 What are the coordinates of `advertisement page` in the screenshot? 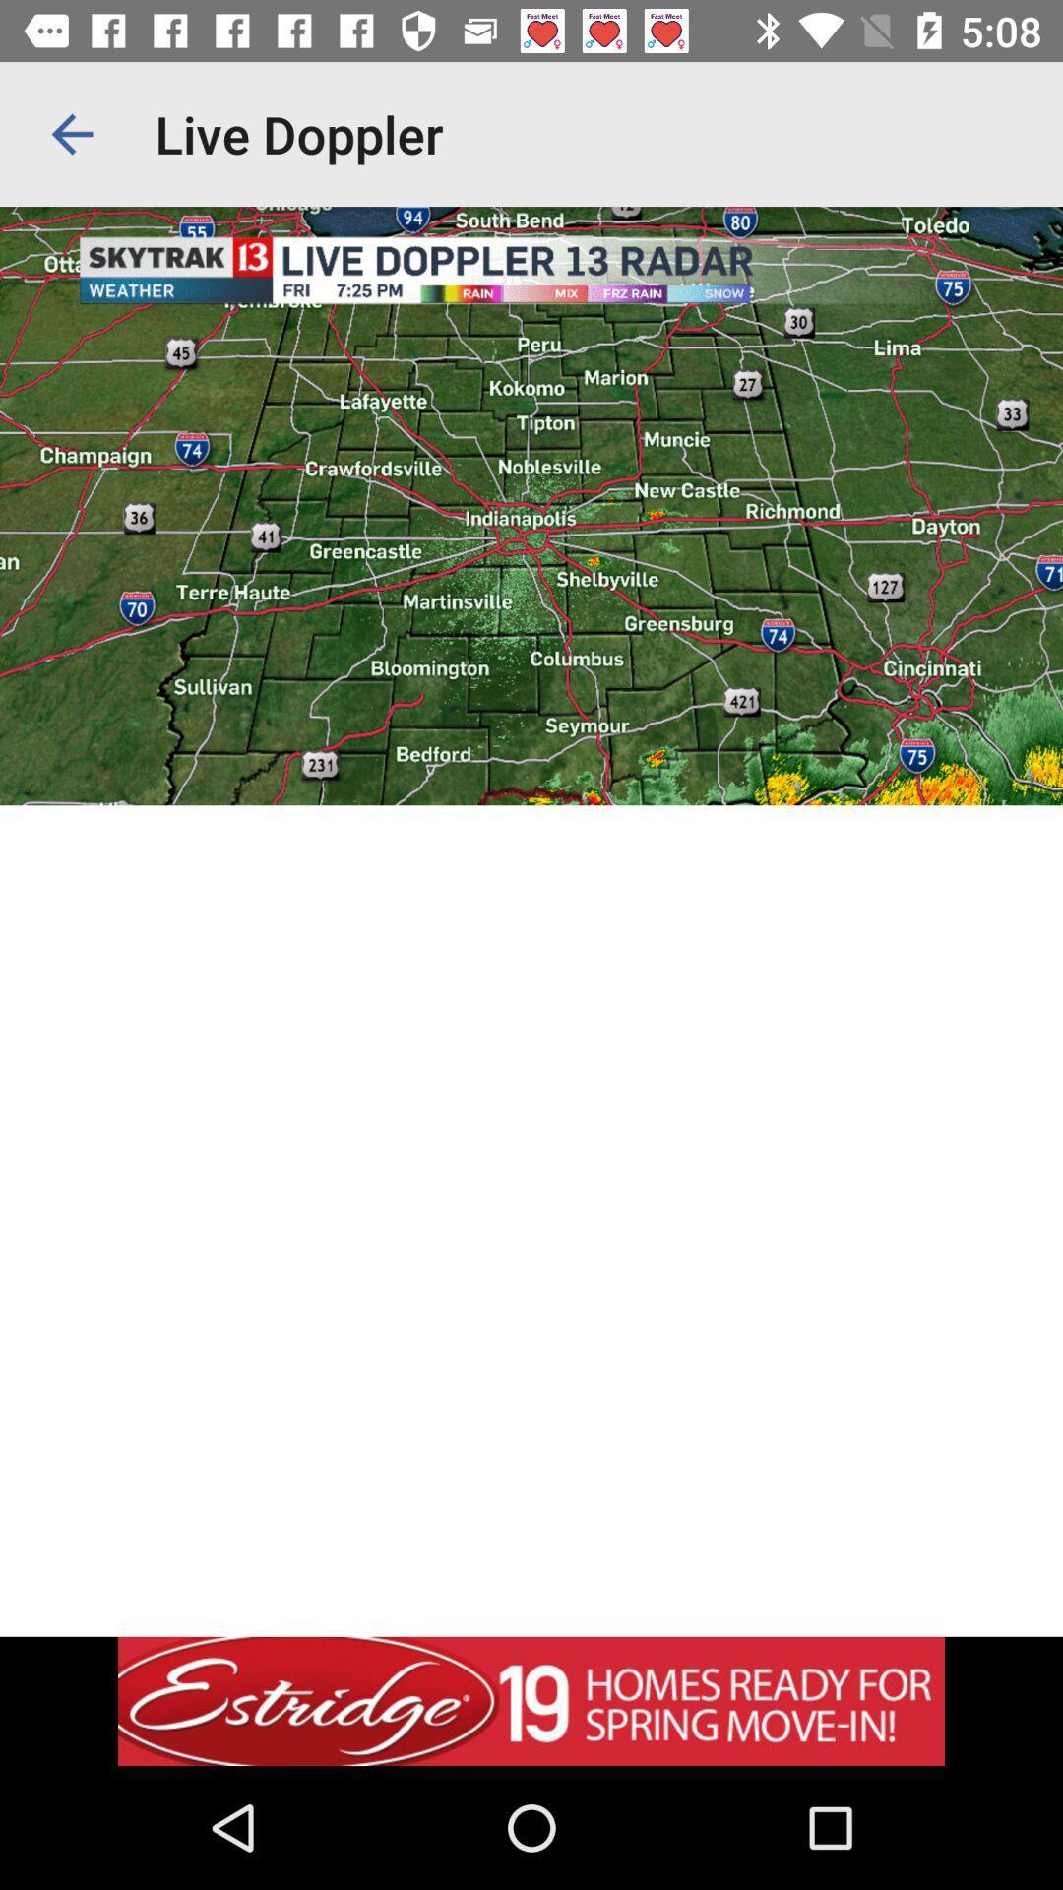 It's located at (531, 1700).